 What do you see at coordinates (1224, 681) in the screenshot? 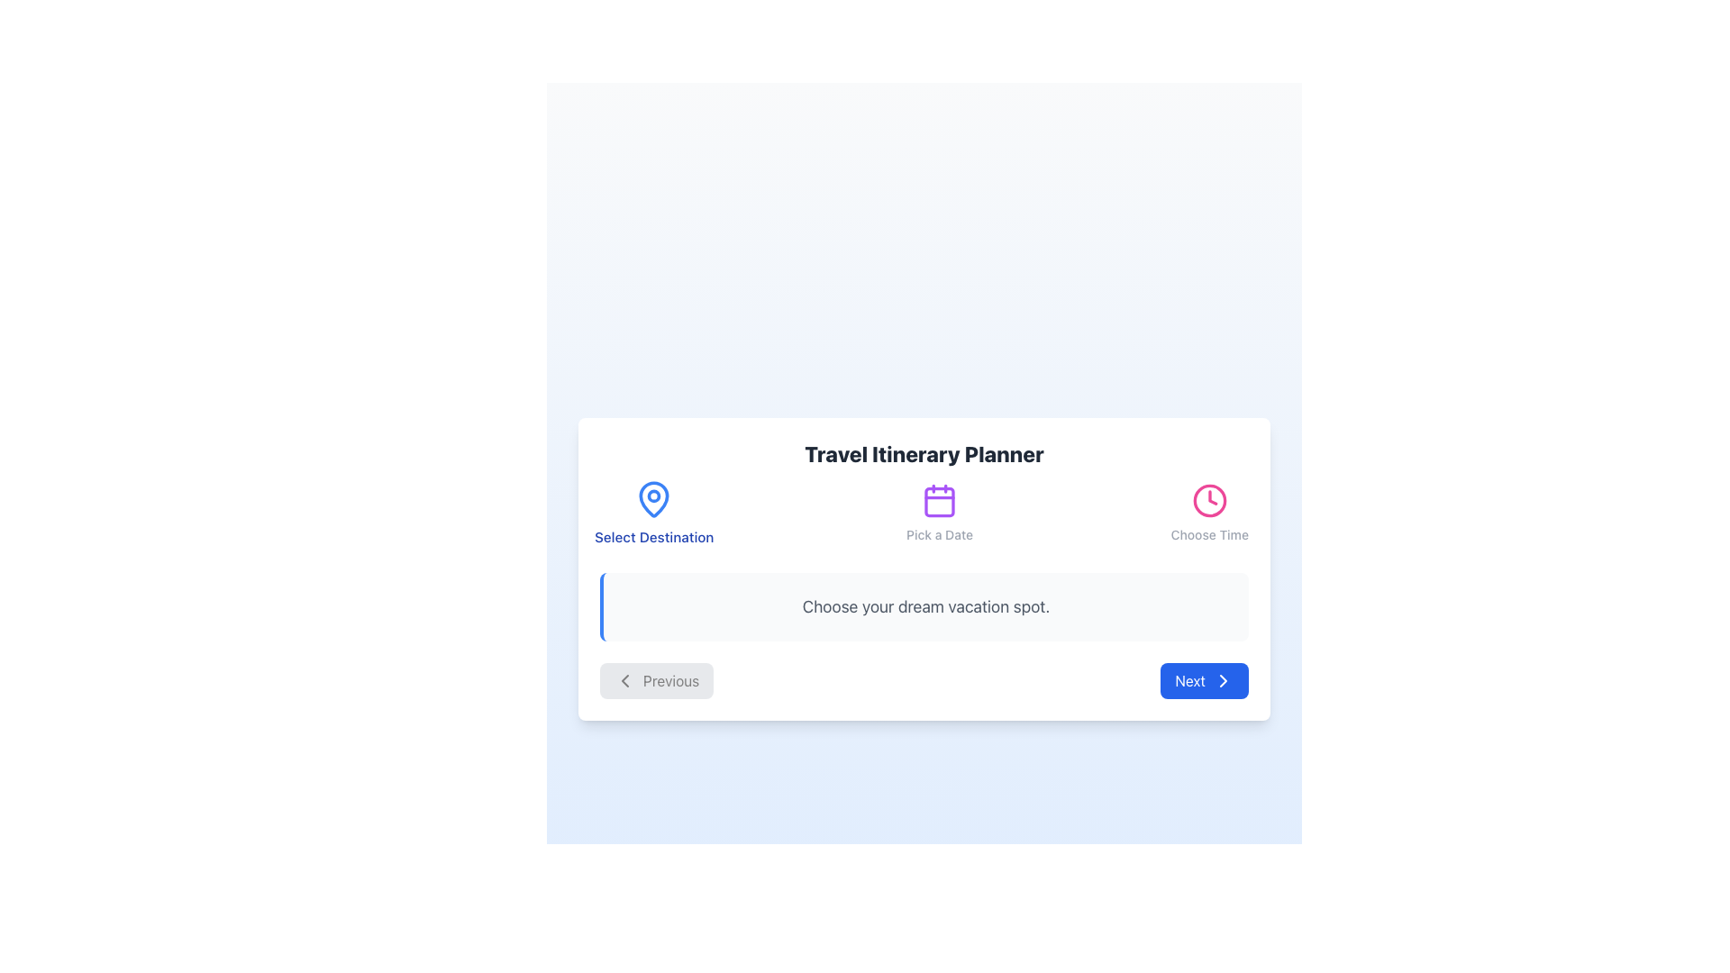
I see `the rightward-pointing chevron icon embedded within the blue 'Next' button to interact with it` at bounding box center [1224, 681].